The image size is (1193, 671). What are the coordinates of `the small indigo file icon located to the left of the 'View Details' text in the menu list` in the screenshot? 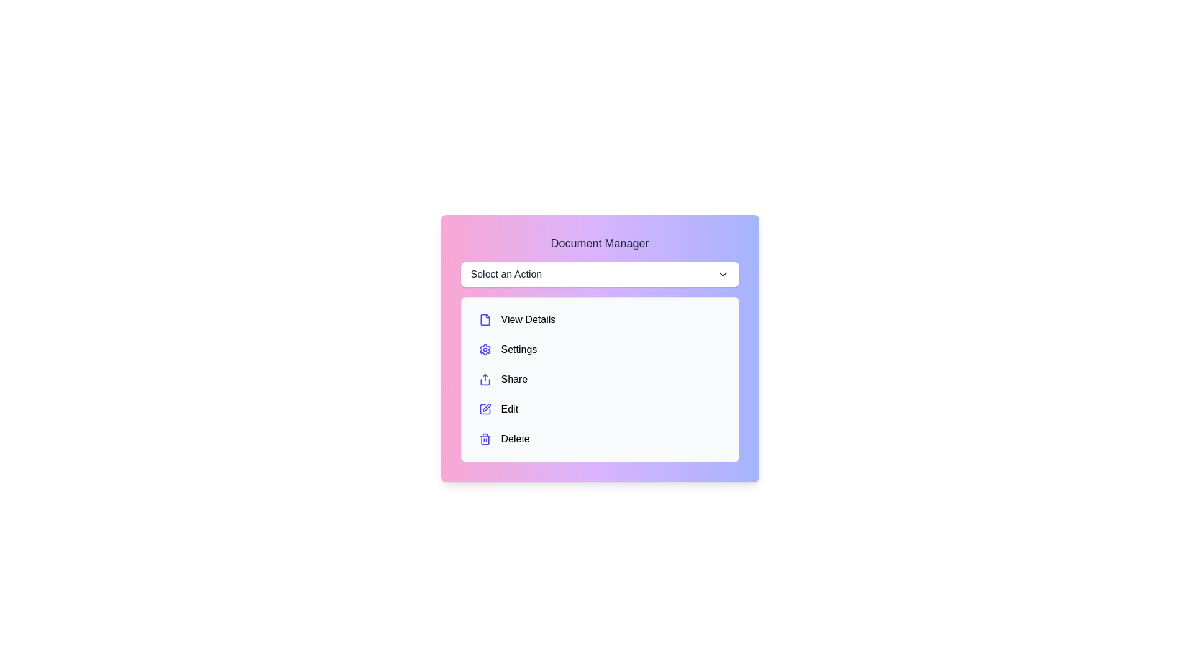 It's located at (484, 319).